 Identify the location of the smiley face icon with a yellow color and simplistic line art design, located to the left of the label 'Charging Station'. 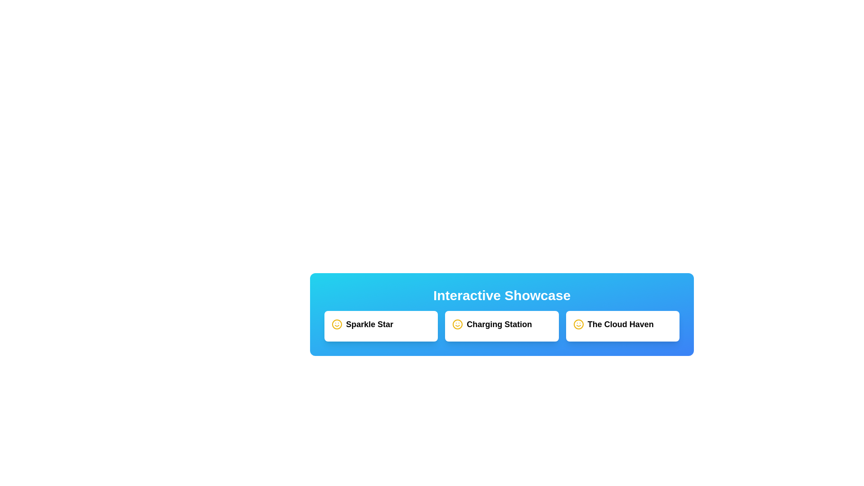
(458, 324).